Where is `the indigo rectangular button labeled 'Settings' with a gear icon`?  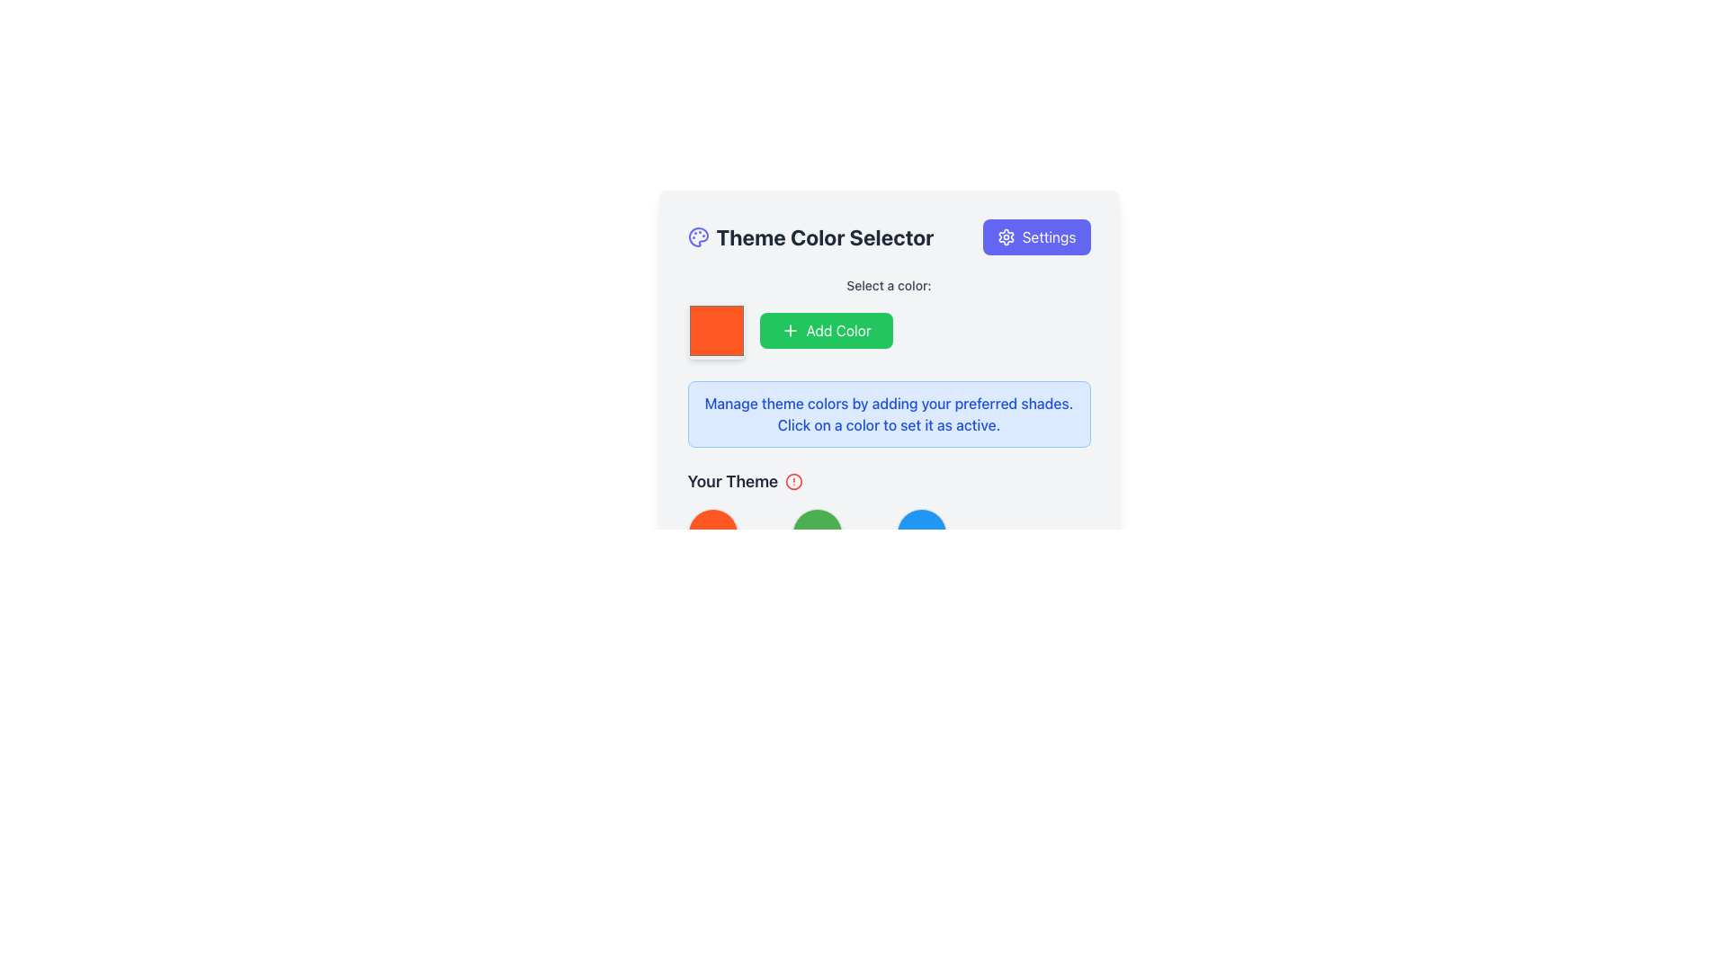 the indigo rectangular button labeled 'Settings' with a gear icon is located at coordinates (1036, 236).